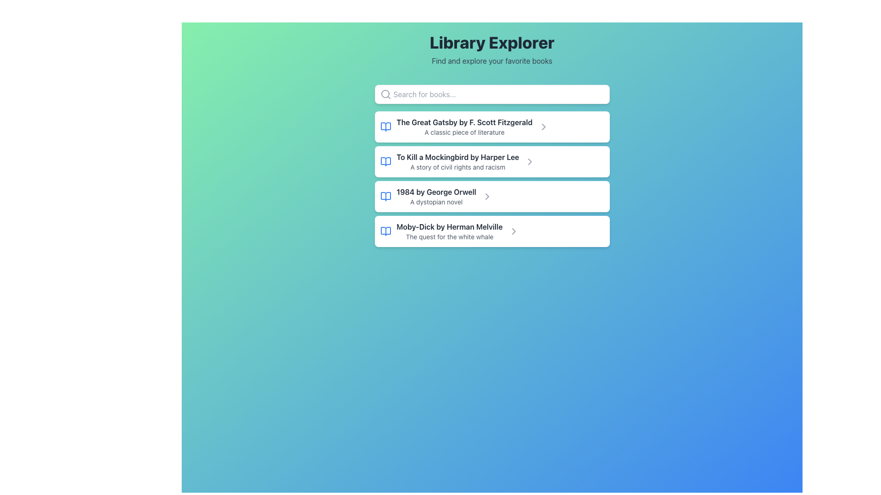 The height and width of the screenshot is (495, 881). I want to click on the 'Library Explorer' text label, which is a large, bold header at the top center of the page, displayed in dark gray against a light gradient background, so click(491, 42).